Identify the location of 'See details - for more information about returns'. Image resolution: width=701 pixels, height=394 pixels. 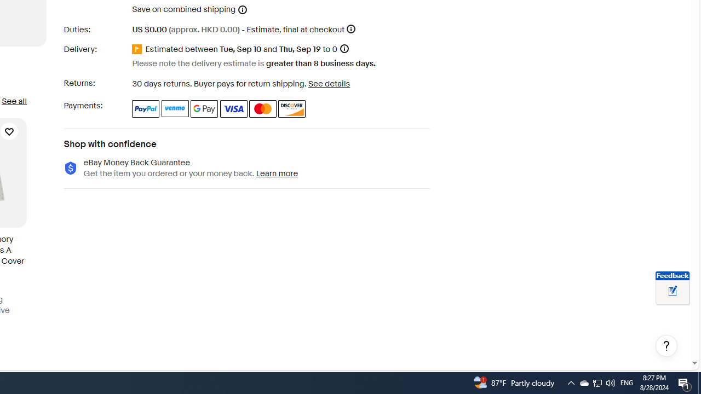
(328, 83).